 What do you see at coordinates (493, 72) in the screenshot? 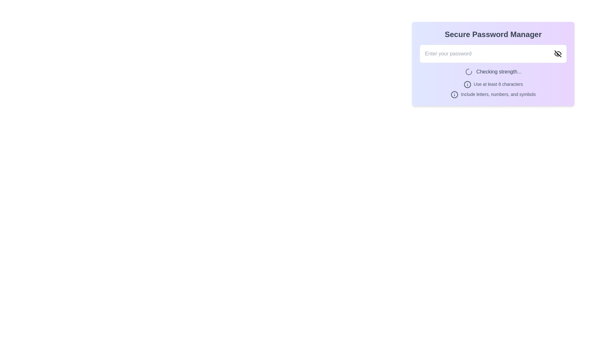
I see `the Status indicator that displays a spinning gray loader icon followed by the text 'Checking strength...', located beneath the password input field` at bounding box center [493, 72].